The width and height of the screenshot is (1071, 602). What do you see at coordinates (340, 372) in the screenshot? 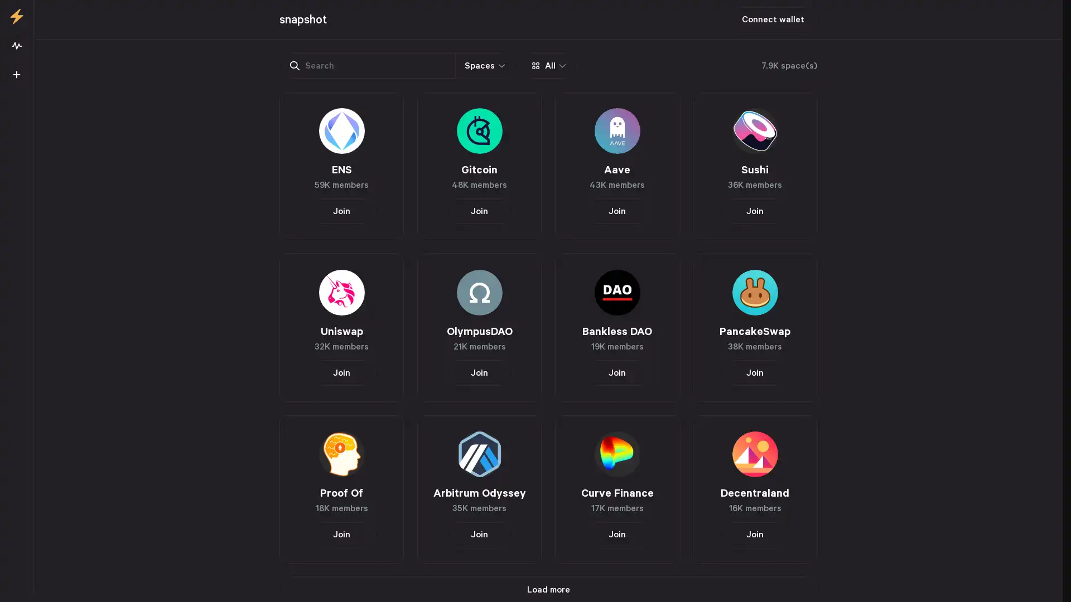
I see `Join` at bounding box center [340, 372].